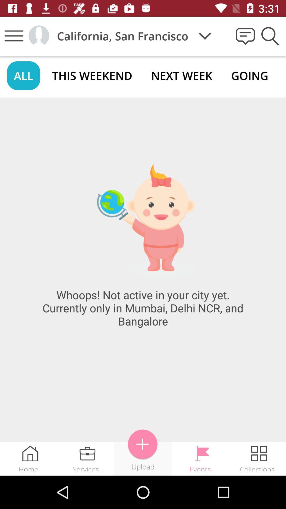  What do you see at coordinates (38, 36) in the screenshot?
I see `your profile picture` at bounding box center [38, 36].